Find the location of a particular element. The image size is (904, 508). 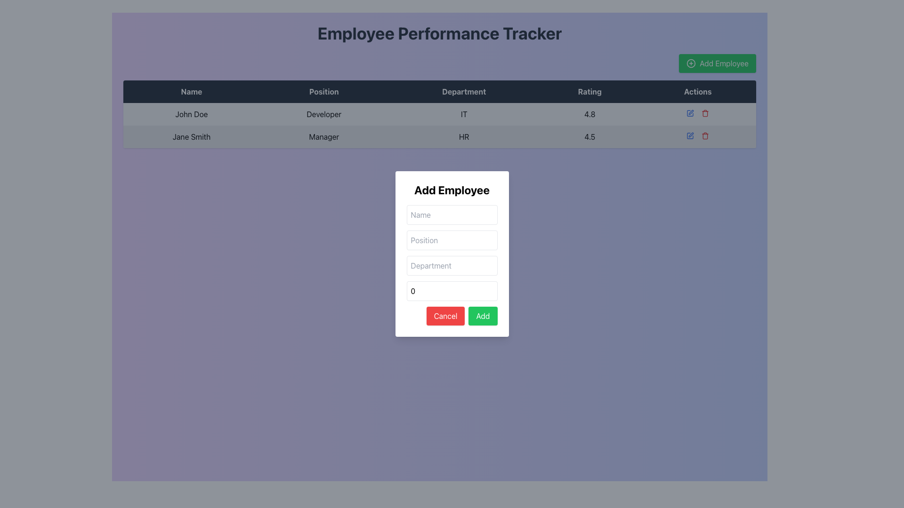

the Text Label displaying the job title in the second row of the 'Position' column, which identifies the role associated with the person listed in the corresponding row is located at coordinates (324, 136).